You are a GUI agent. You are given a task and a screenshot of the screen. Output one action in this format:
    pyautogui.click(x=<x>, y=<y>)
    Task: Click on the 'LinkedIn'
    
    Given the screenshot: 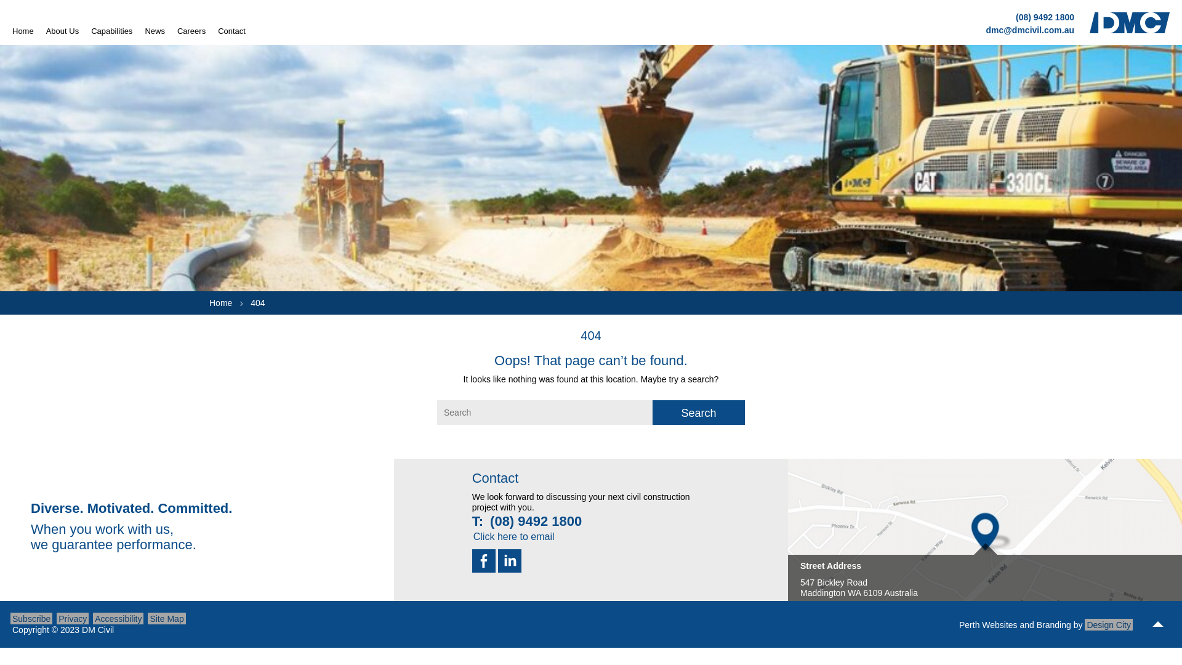 What is the action you would take?
    pyautogui.click(x=510, y=560)
    